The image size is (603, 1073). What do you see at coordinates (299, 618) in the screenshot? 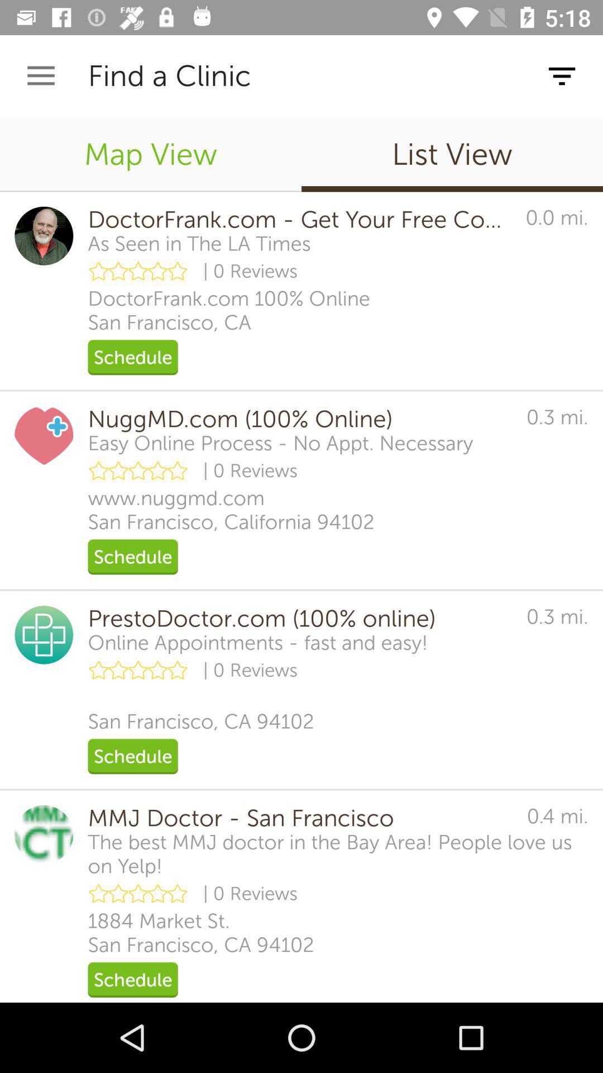
I see `icon next to the 0.3 mi.` at bounding box center [299, 618].